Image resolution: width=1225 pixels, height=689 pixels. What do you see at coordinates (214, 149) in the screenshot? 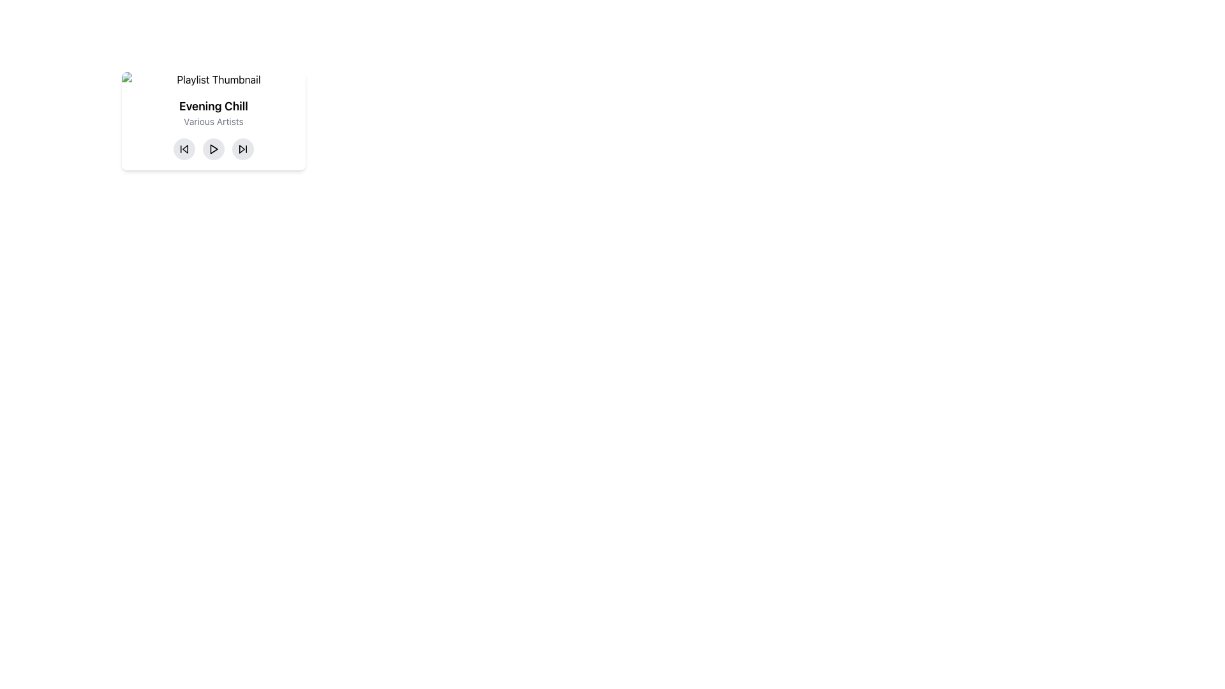
I see `the play button located below the text 'Evening Chill' and 'Various Artists' to play the media` at bounding box center [214, 149].